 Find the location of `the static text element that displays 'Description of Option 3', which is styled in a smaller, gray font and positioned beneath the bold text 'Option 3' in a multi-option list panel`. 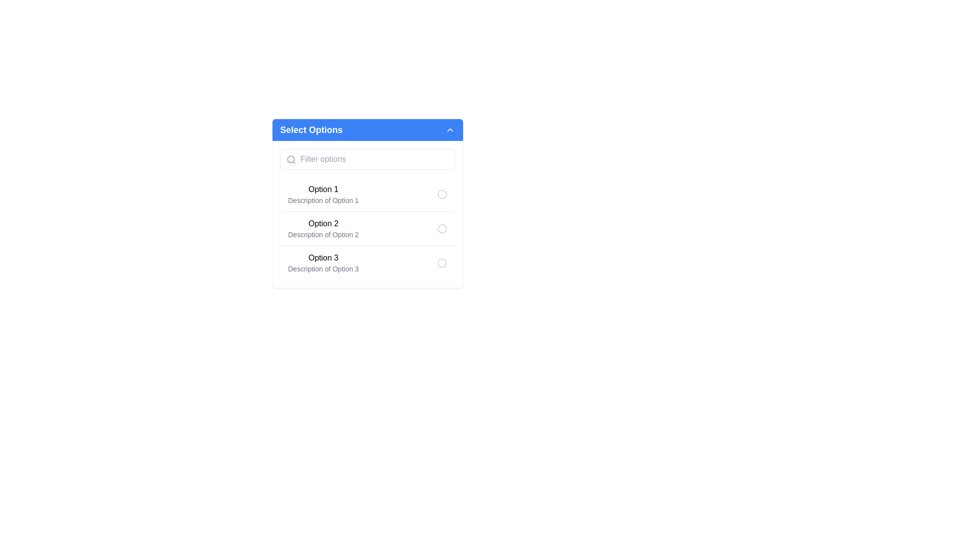

the static text element that displays 'Description of Option 3', which is styled in a smaller, gray font and positioned beneath the bold text 'Option 3' in a multi-option list panel is located at coordinates (323, 269).